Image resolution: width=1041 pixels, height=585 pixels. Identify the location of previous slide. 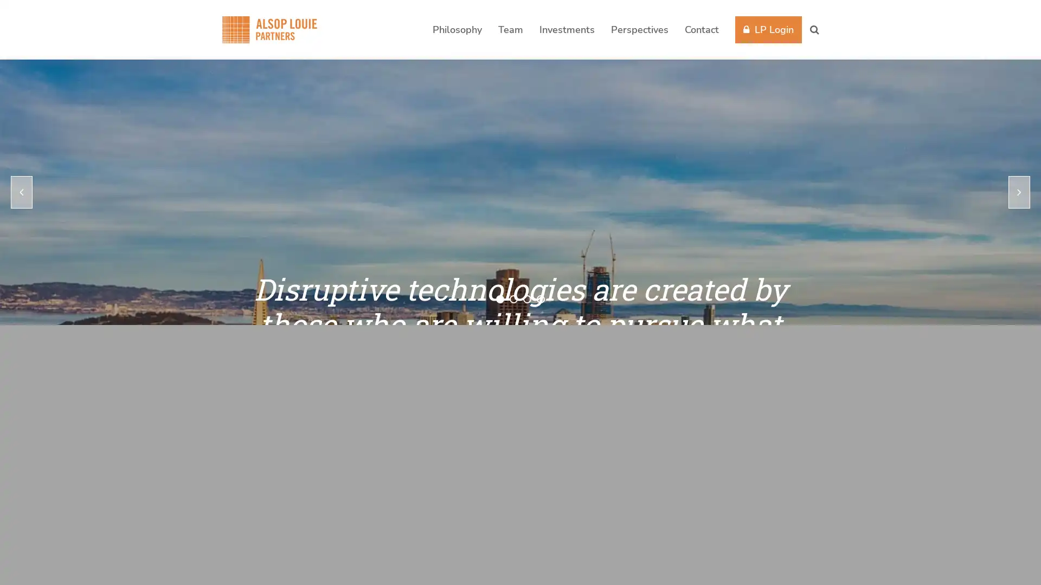
(21, 321).